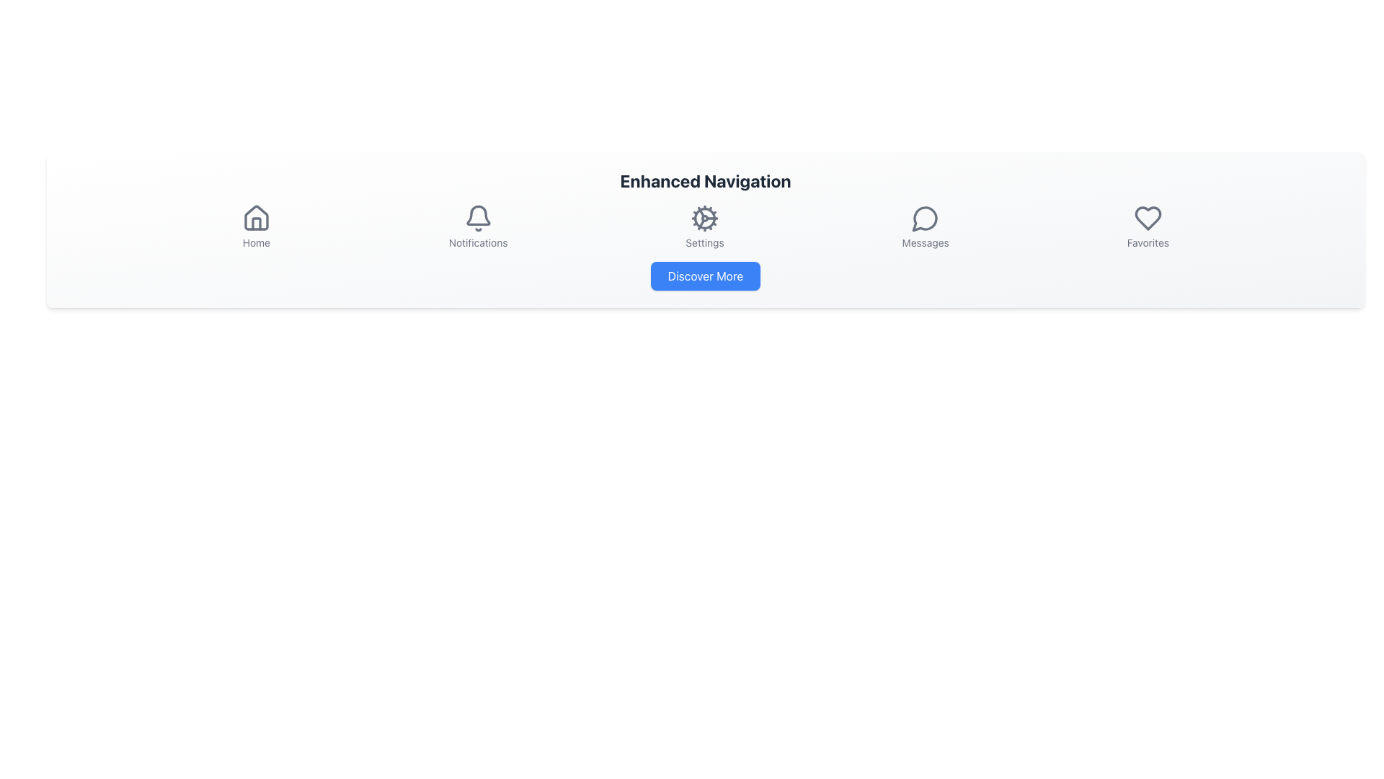 The height and width of the screenshot is (779, 1384). Describe the element at coordinates (1147, 219) in the screenshot. I see `the heart-shaped icon representing the 'Favorites' option` at that location.